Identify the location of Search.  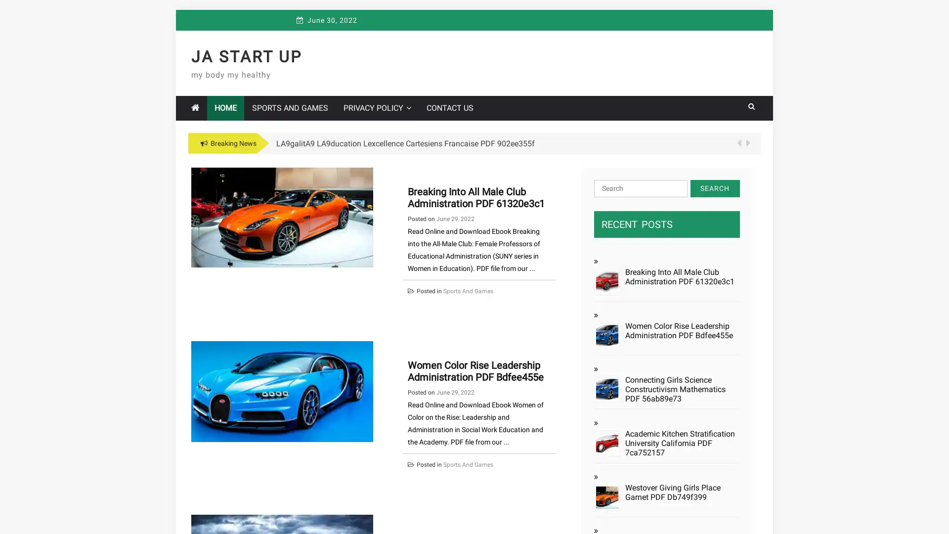
(714, 188).